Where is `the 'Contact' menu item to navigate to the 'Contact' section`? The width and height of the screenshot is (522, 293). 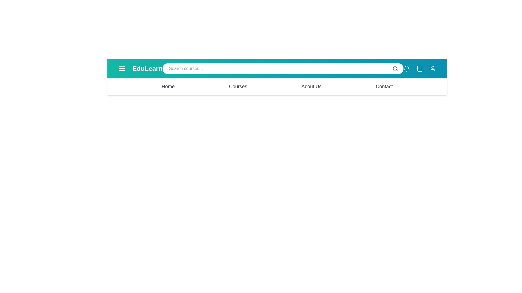
the 'Contact' menu item to navigate to the 'Contact' section is located at coordinates (384, 86).